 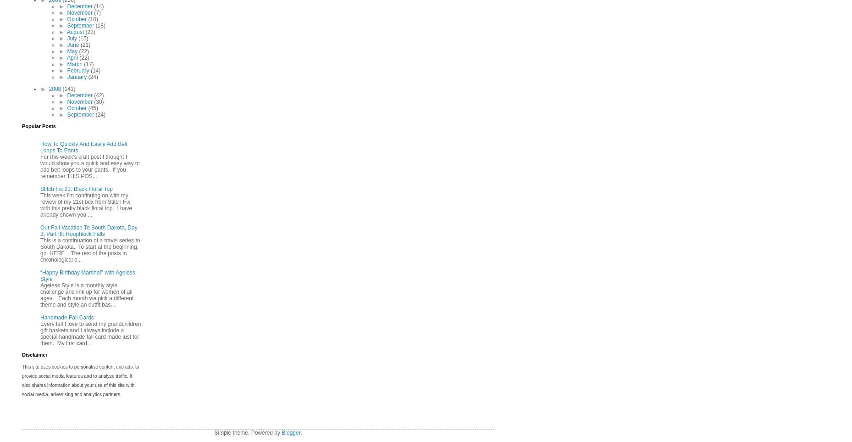 What do you see at coordinates (78, 70) in the screenshot?
I see `'February'` at bounding box center [78, 70].